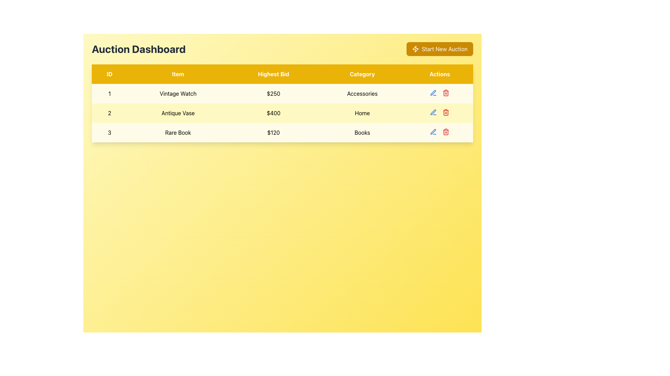 This screenshot has height=376, width=670. I want to click on the third row element in the table that contains the ID '3', item name 'Rare Book', price '$120', and category 'Books'. This row is styled with a lighter shade of yellow and is horizontally aligned across four columns, so click(282, 133).